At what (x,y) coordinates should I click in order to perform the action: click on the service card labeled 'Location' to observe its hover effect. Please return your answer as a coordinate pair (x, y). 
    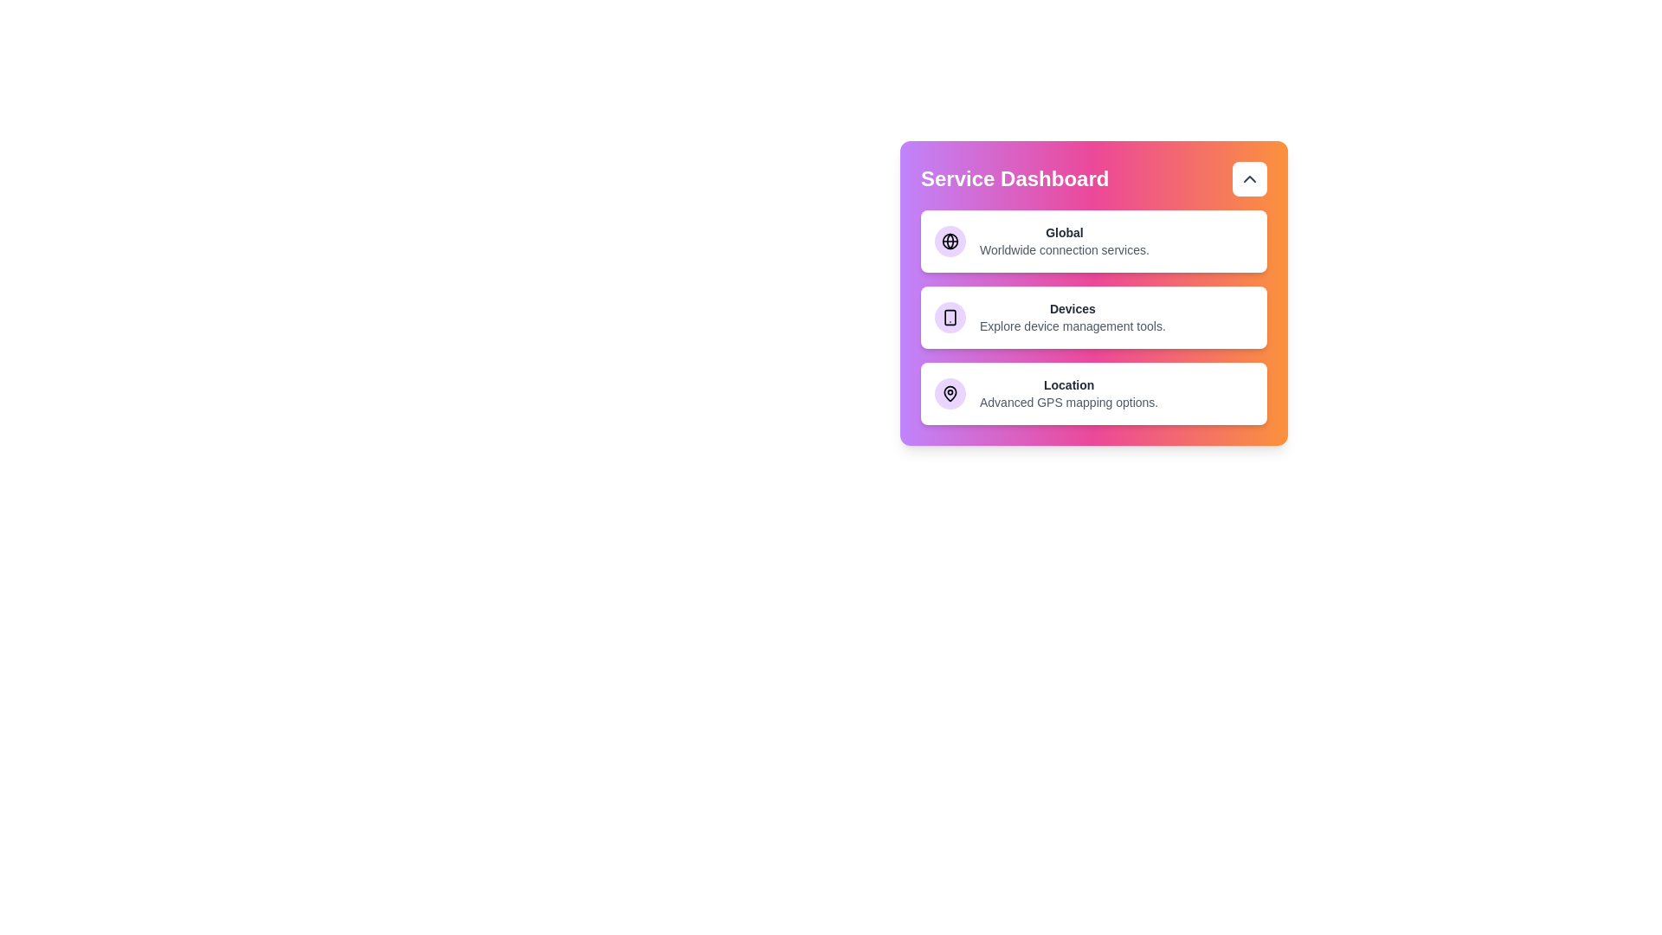
    Looking at the image, I should click on (1092, 394).